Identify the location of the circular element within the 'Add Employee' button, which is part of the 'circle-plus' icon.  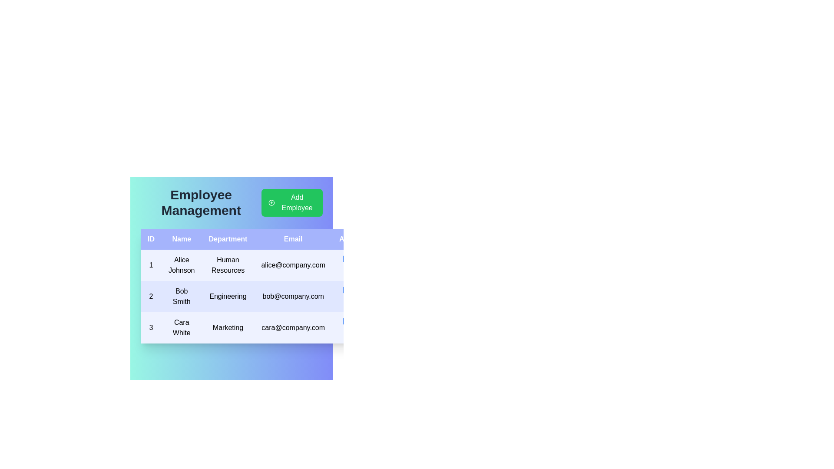
(271, 202).